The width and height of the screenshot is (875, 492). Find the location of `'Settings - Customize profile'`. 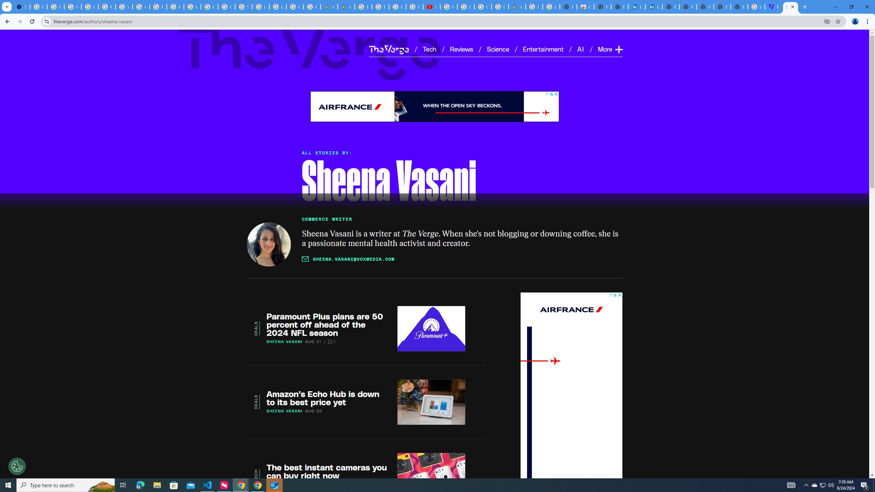

'Settings - Customize profile' is located at coordinates (21, 6).